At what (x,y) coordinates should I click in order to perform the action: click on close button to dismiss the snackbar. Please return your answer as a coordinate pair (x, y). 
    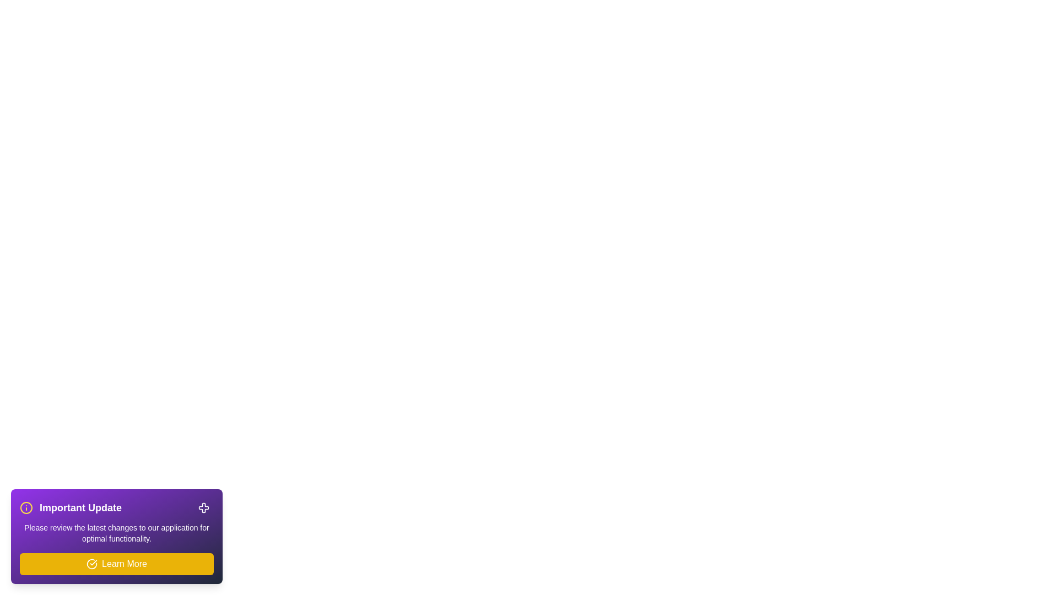
    Looking at the image, I should click on (203, 507).